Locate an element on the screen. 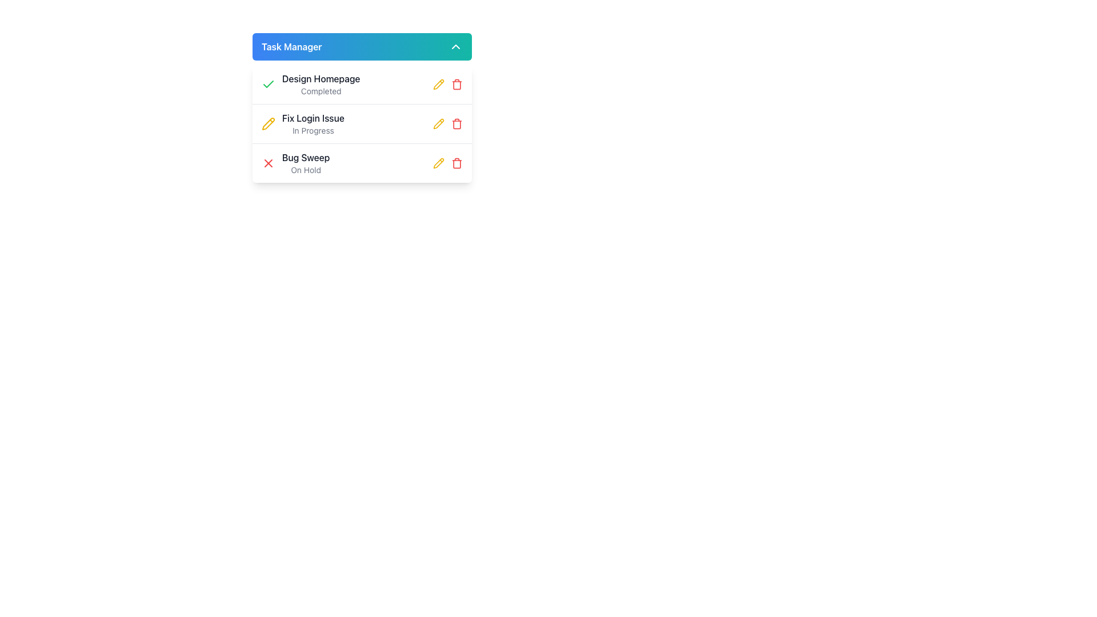  'Completed' text label which indicates the status of the task 'Design Homepage' by clicking on it is located at coordinates (321, 90).